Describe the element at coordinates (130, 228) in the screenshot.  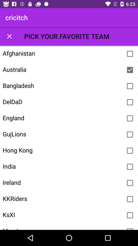
I see `option` at that location.